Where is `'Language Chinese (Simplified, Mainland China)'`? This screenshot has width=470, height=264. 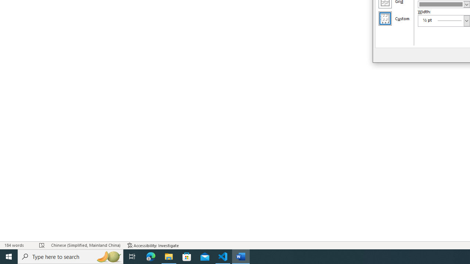
'Language Chinese (Simplified, Mainland China)' is located at coordinates (85, 245).